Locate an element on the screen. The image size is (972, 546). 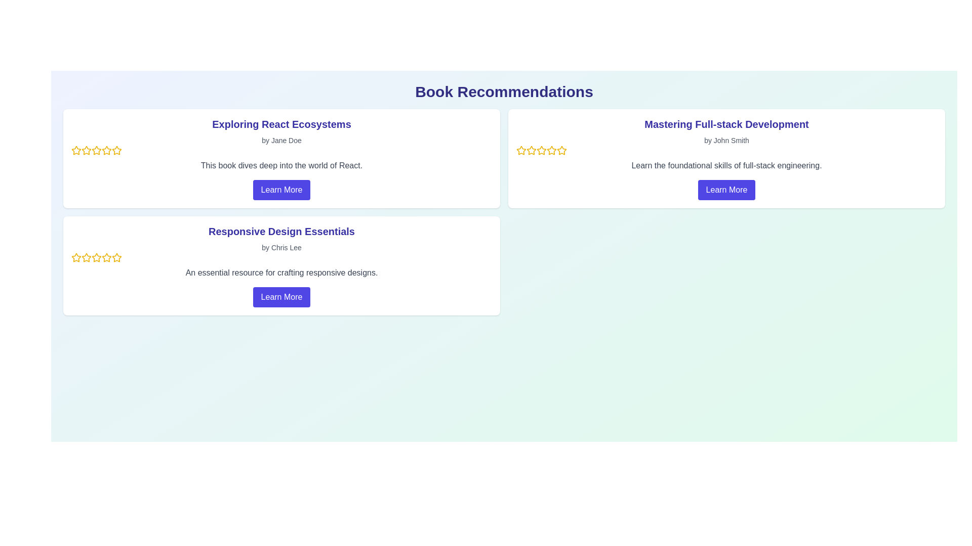
the first star icon in the rating system of the 'Mastering Full-stack Development' card, located in the top-right section just below the book title is located at coordinates (521, 150).